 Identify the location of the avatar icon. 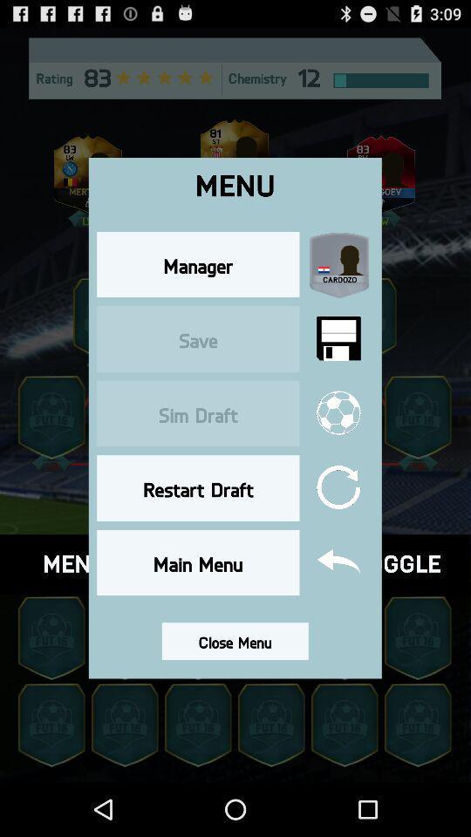
(417, 679).